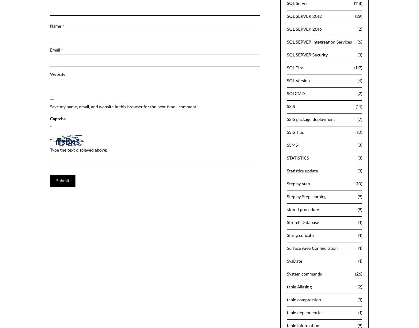 The image size is (419, 328). What do you see at coordinates (295, 132) in the screenshot?
I see `'SSIS Tips'` at bounding box center [295, 132].